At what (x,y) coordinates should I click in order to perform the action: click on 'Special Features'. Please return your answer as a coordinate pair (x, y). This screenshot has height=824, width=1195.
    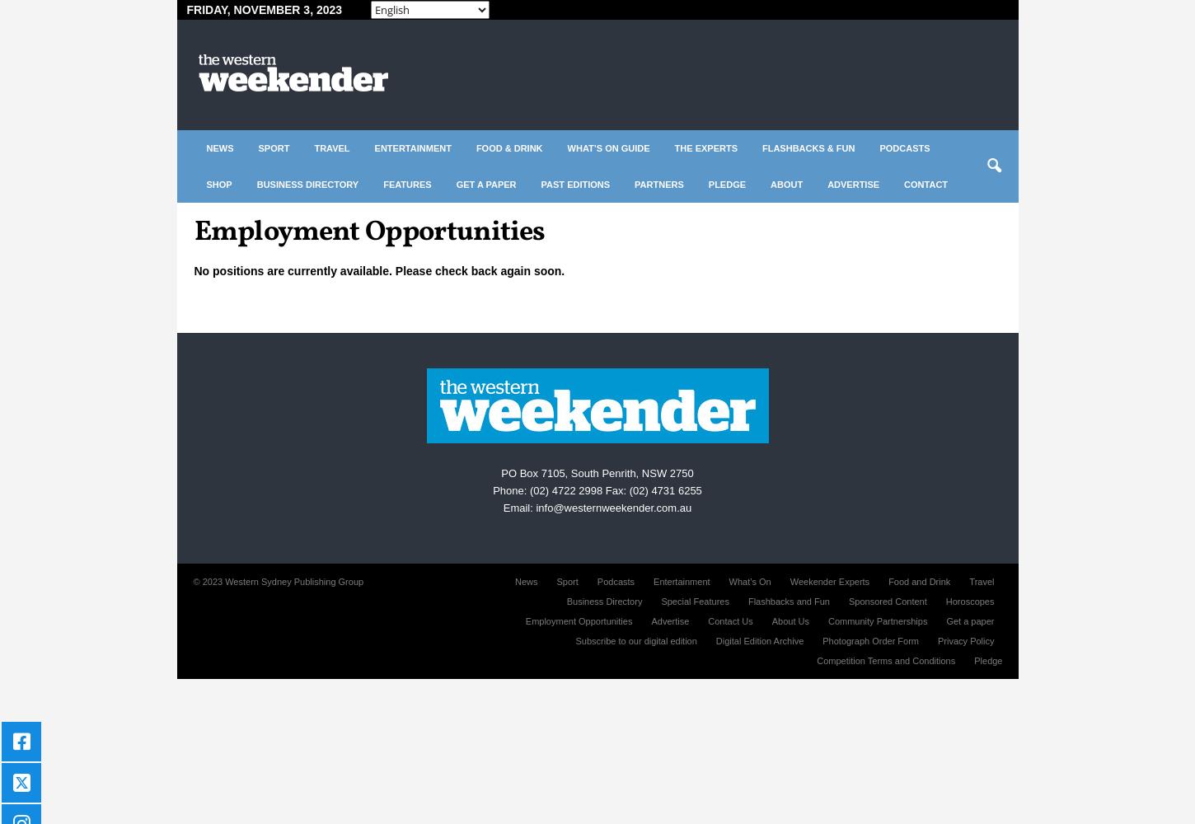
    Looking at the image, I should click on (660, 601).